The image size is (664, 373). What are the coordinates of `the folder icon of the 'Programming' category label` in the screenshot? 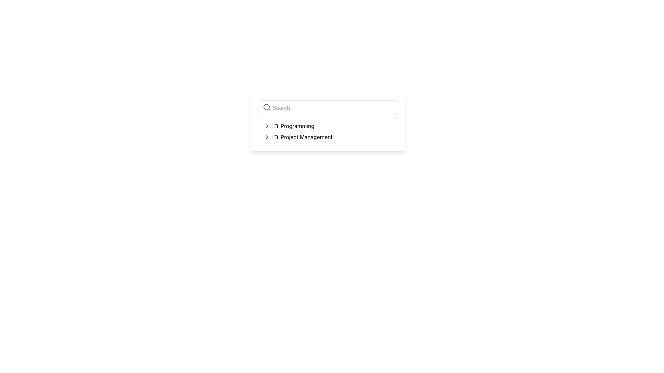 It's located at (293, 126).